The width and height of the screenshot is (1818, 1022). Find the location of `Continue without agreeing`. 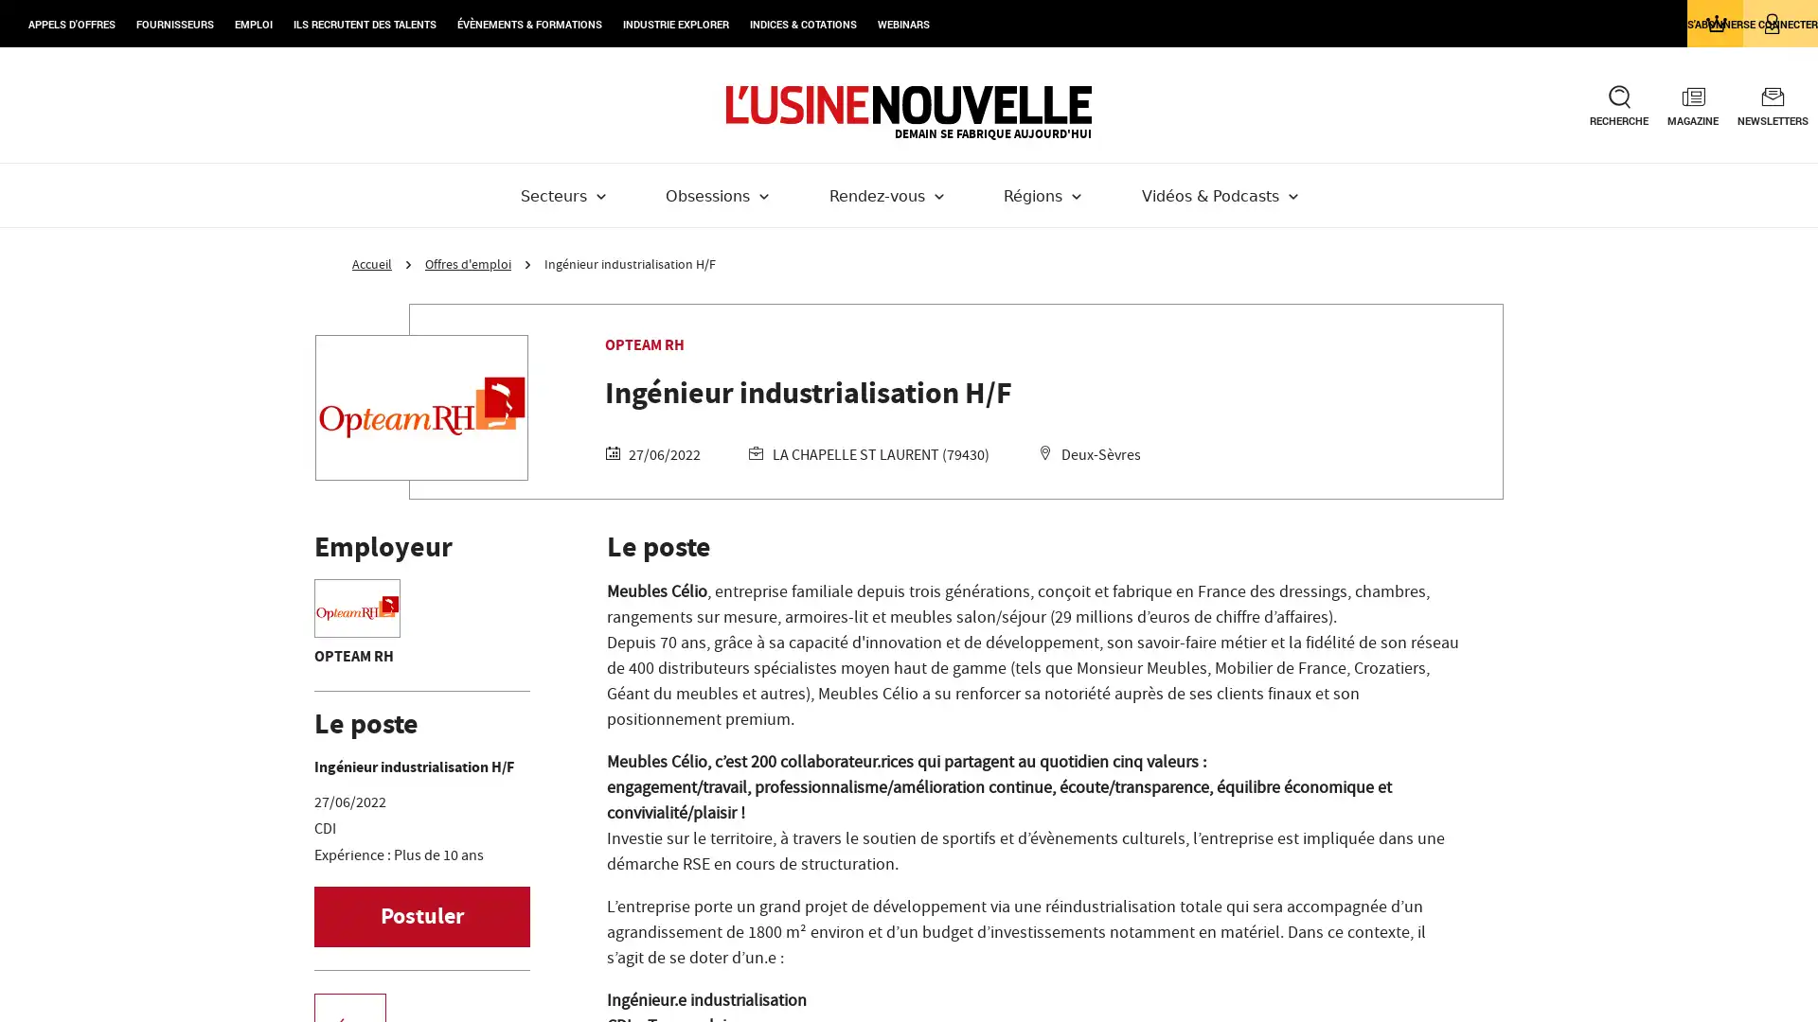

Continue without agreeing is located at coordinates (1126, 316).